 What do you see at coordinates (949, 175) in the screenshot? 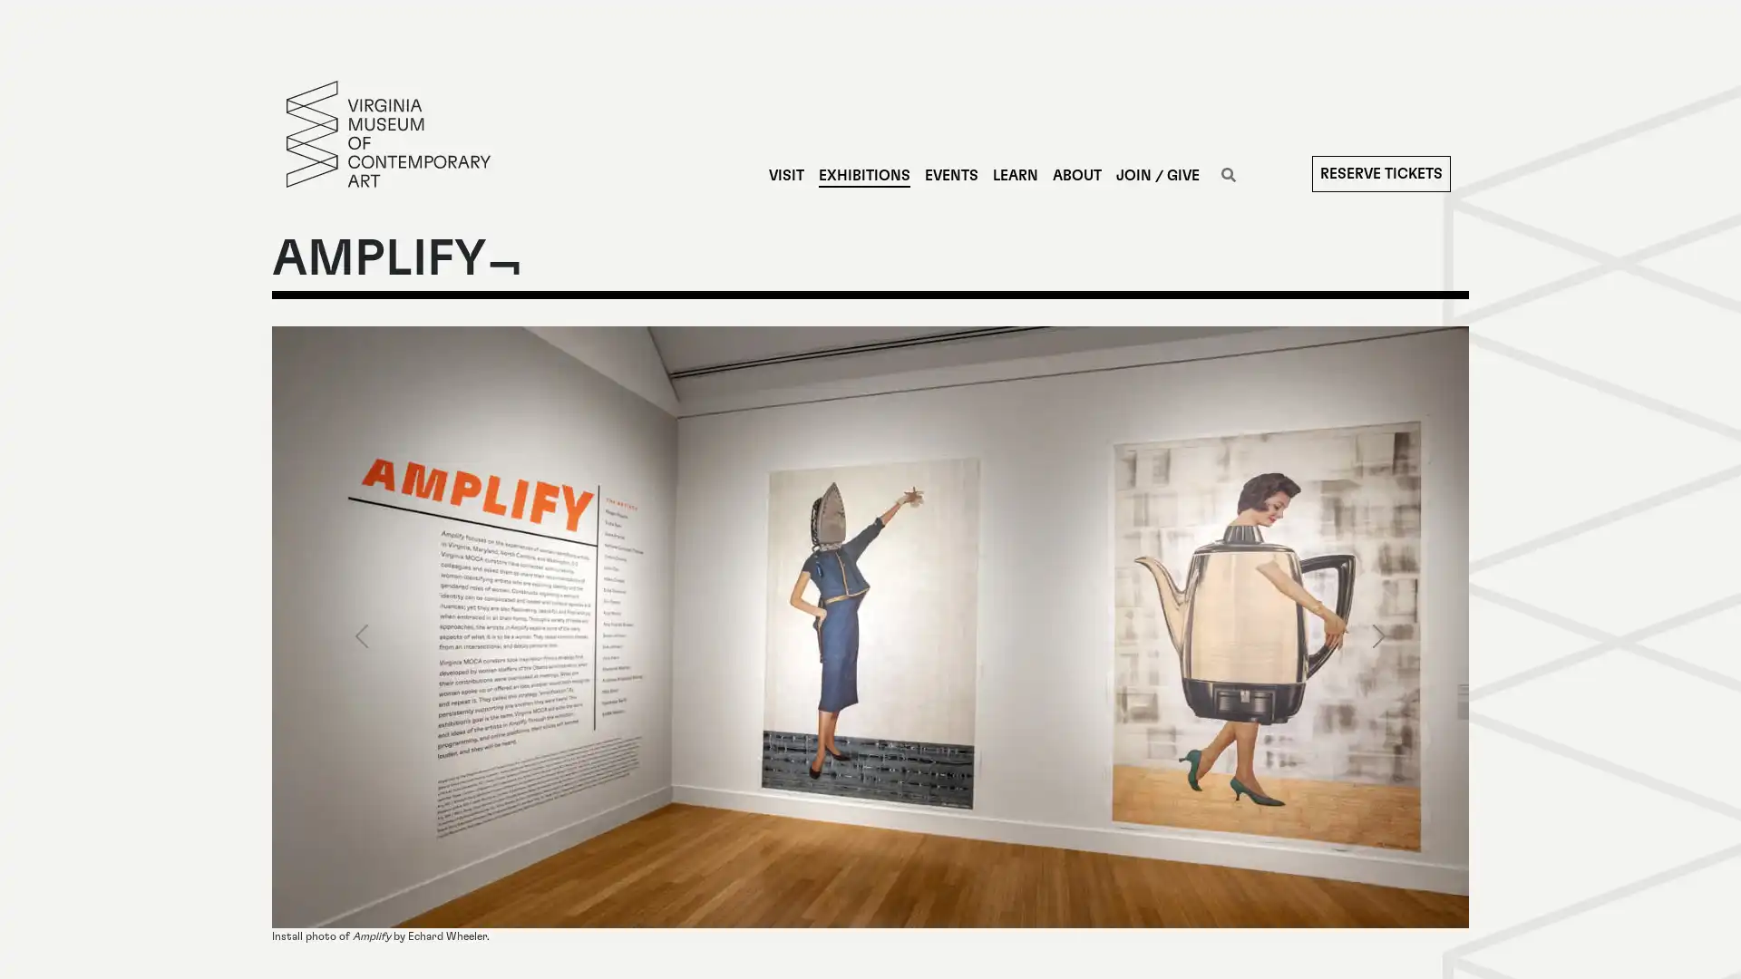
I see `EVENTS` at bounding box center [949, 175].